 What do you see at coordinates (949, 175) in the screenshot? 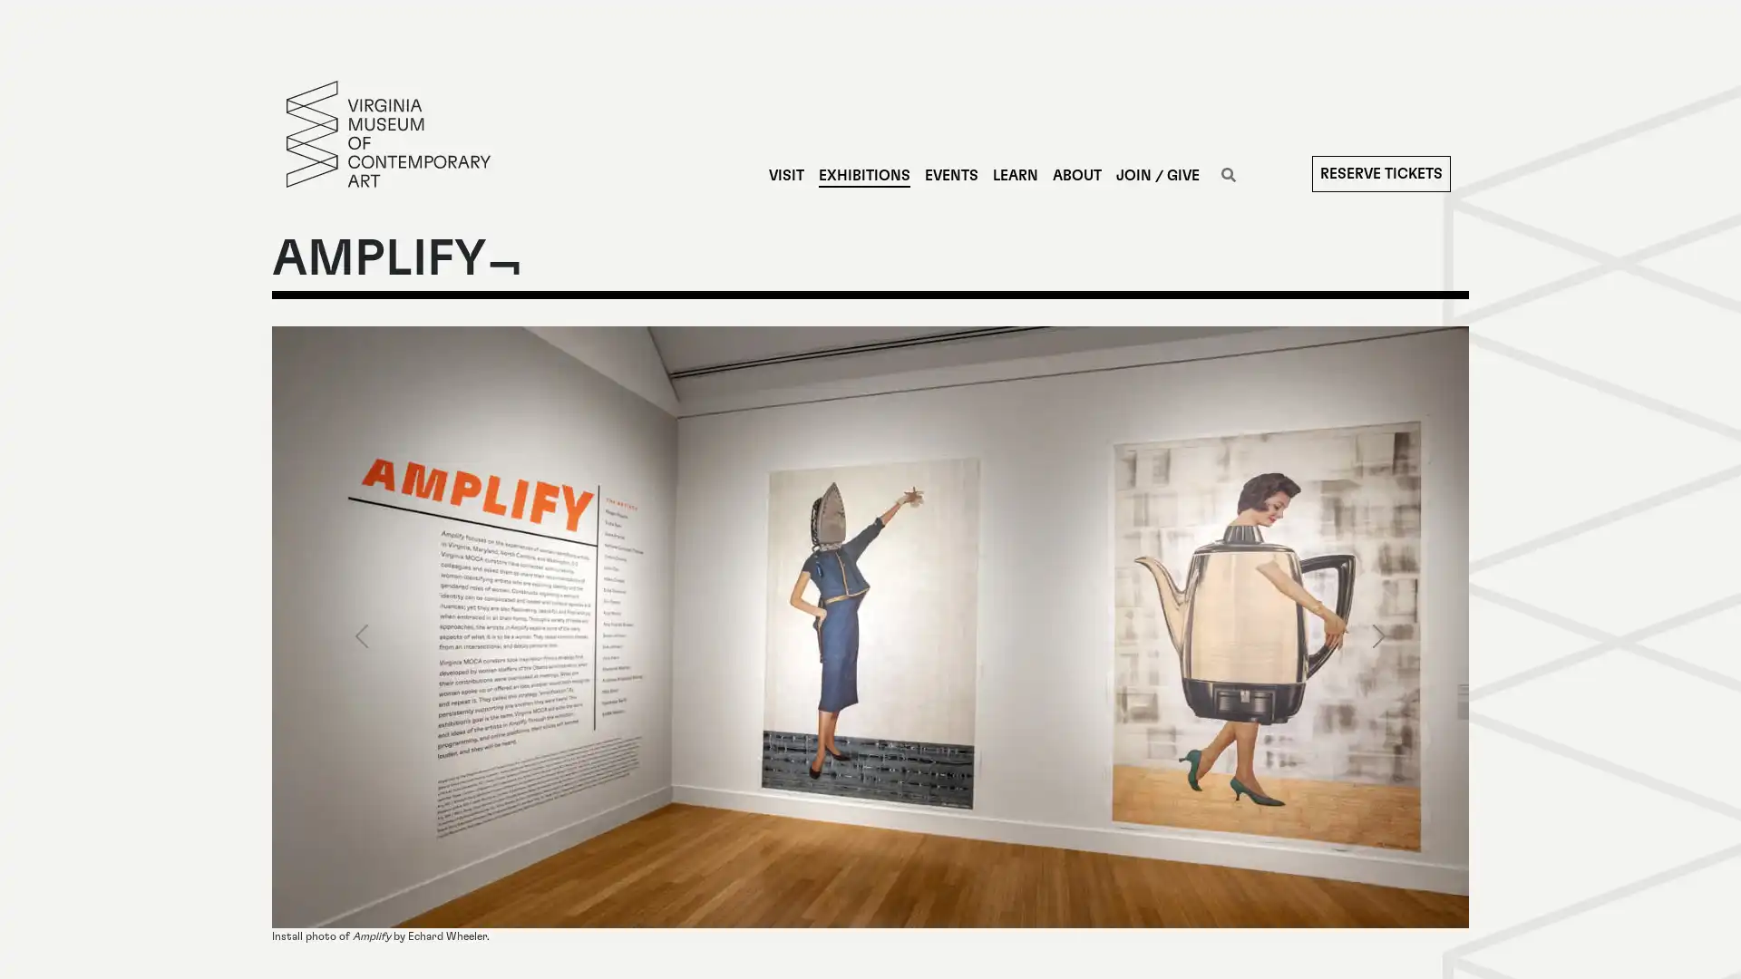
I see `EVENTS` at bounding box center [949, 175].